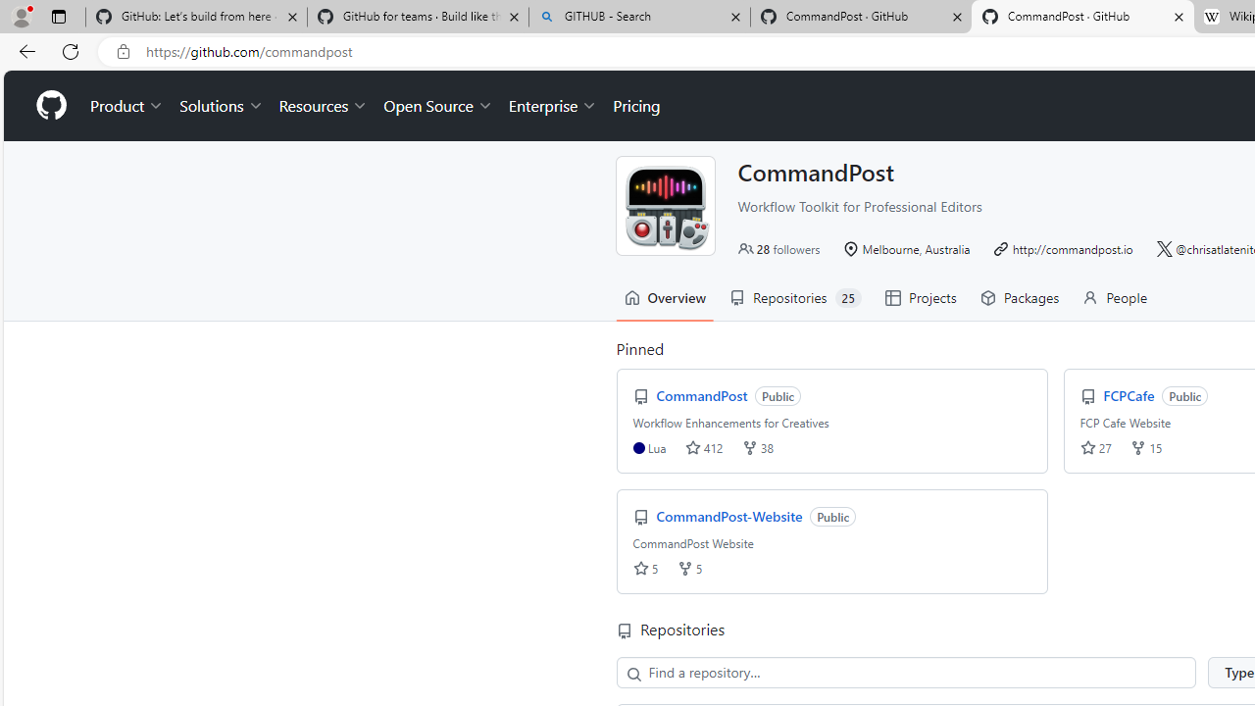 The width and height of the screenshot is (1255, 706). I want to click on 'Projects', so click(919, 297).